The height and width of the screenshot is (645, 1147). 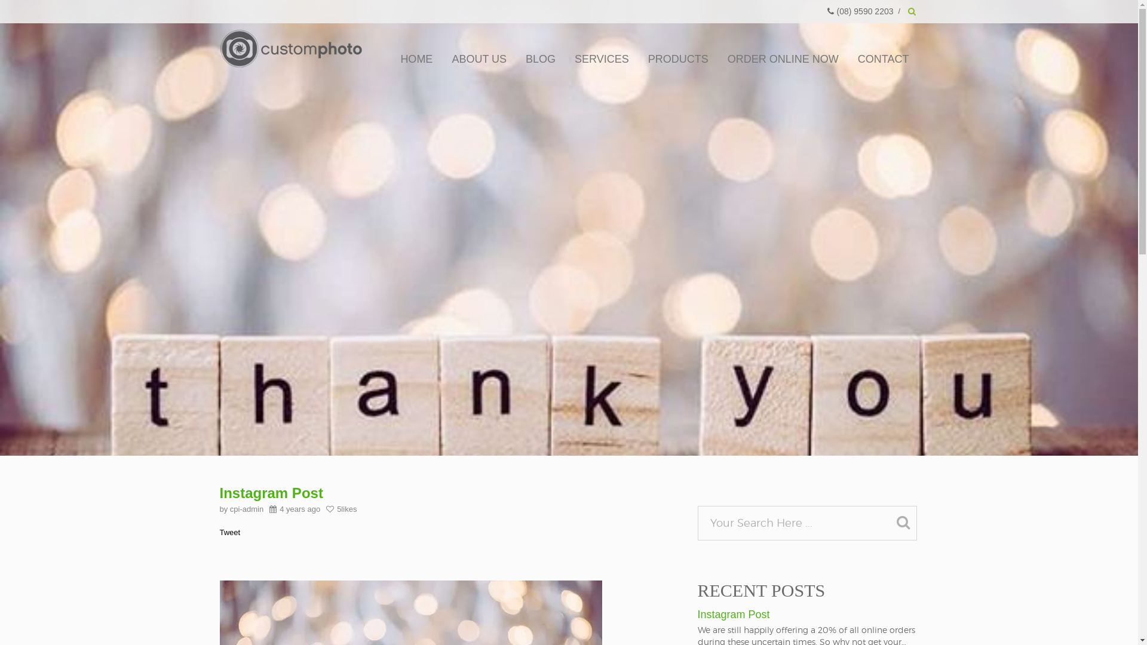 What do you see at coordinates (860, 11) in the screenshot?
I see `'(08) 9590 2203'` at bounding box center [860, 11].